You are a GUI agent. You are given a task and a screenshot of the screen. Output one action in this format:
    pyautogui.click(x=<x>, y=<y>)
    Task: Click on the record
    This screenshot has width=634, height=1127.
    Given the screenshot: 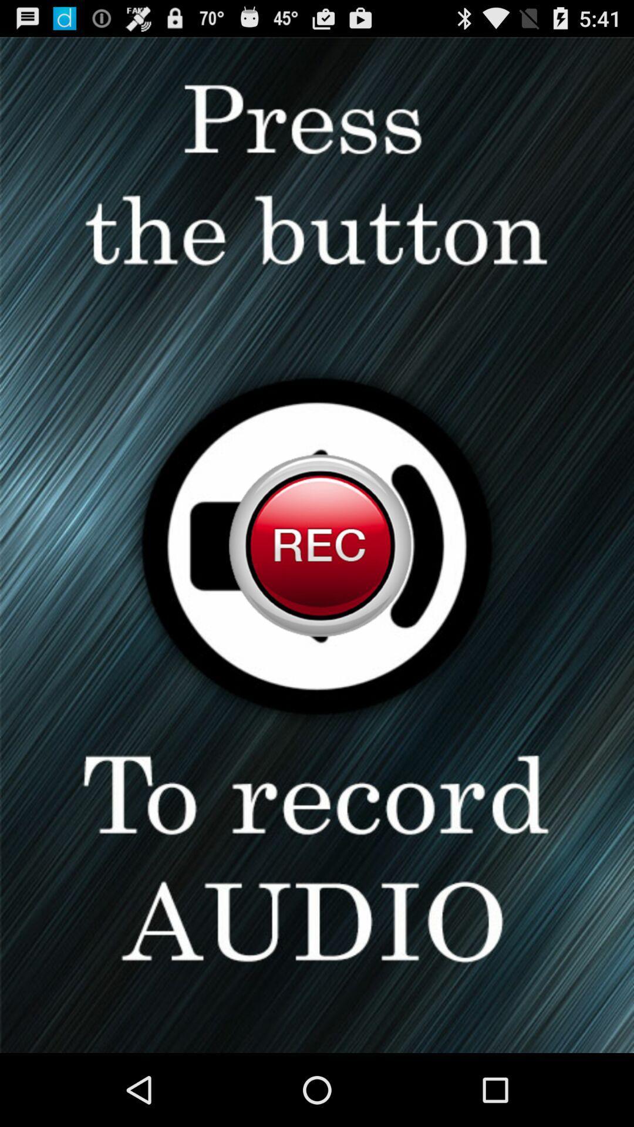 What is the action you would take?
    pyautogui.click(x=317, y=544)
    